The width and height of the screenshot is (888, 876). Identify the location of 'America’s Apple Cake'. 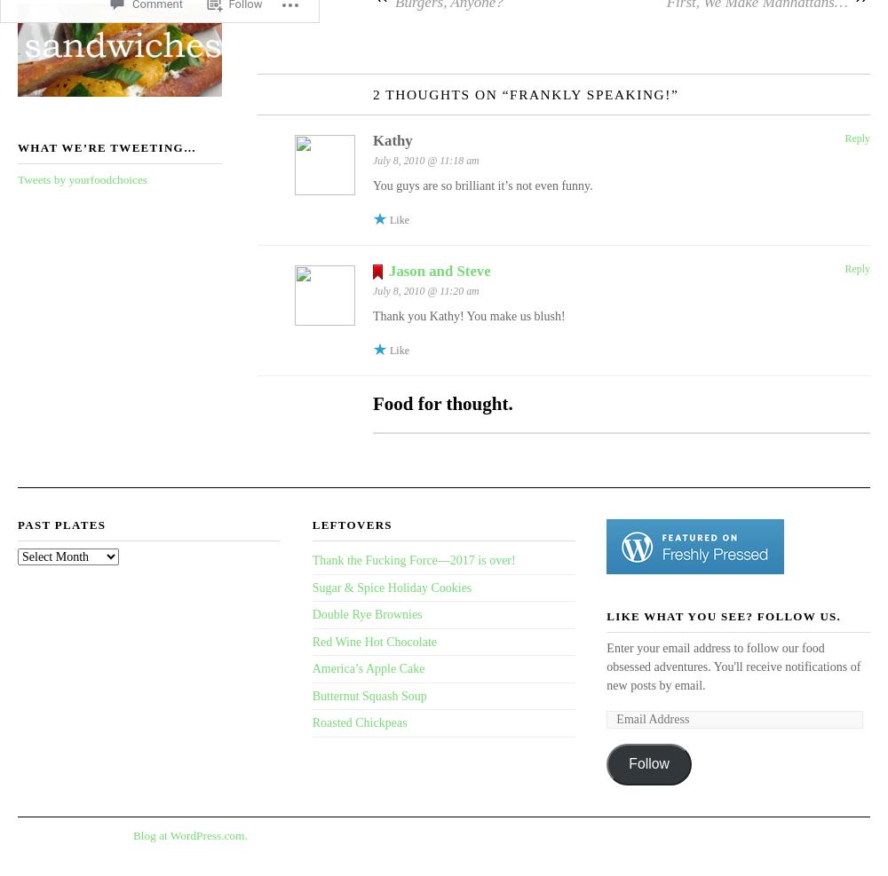
(368, 667).